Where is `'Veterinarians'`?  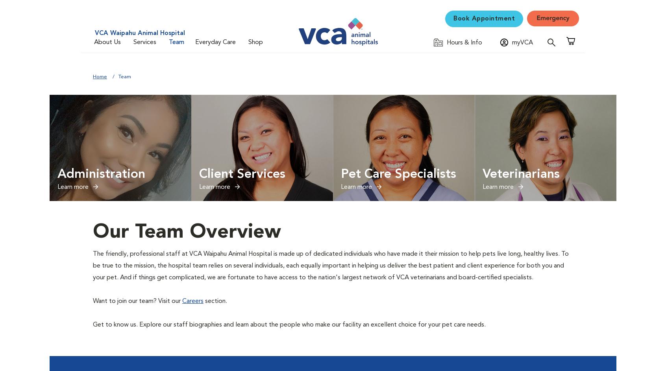 'Veterinarians' is located at coordinates (483, 174).